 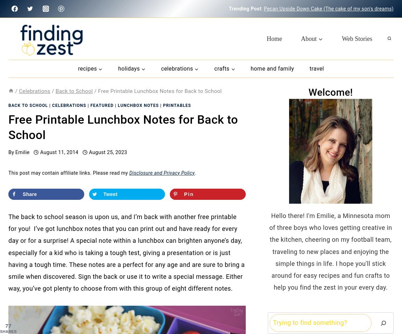 What do you see at coordinates (89, 105) in the screenshot?
I see `'Featured'` at bounding box center [89, 105].